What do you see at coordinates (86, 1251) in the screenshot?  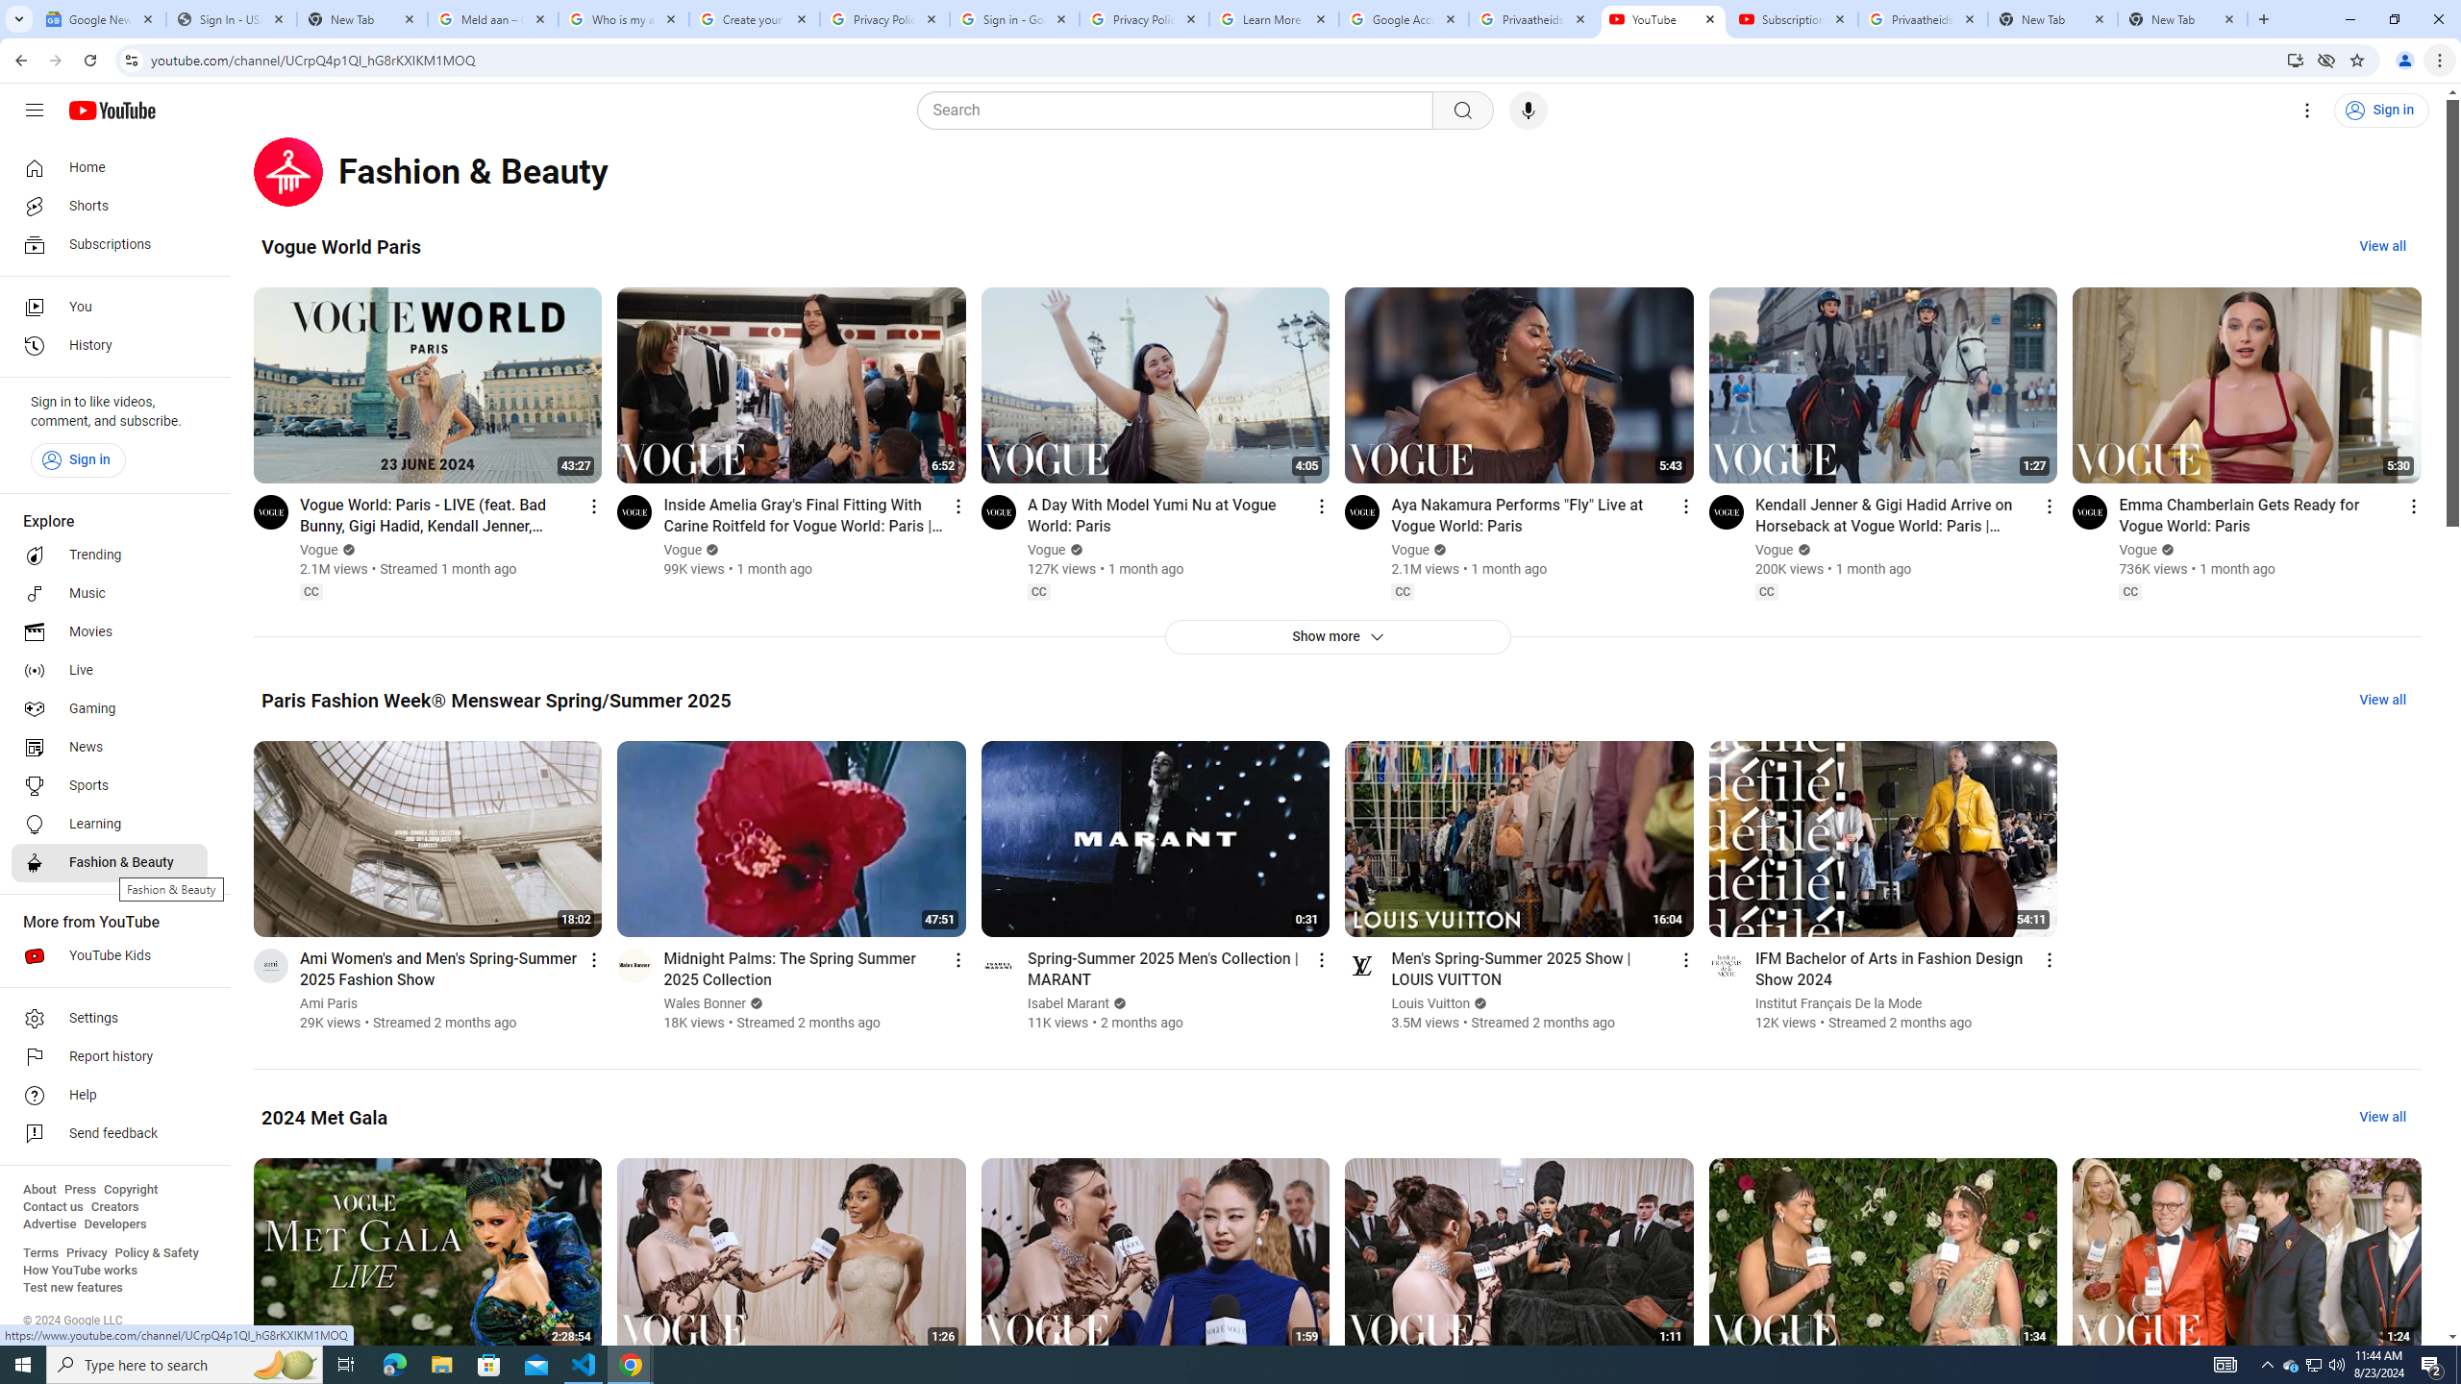 I see `'Privacy'` at bounding box center [86, 1251].